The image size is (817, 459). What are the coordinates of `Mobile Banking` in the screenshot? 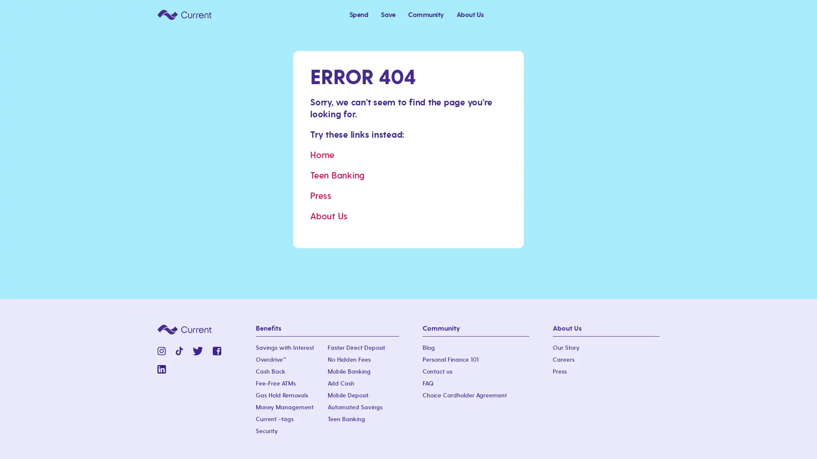 It's located at (349, 371).